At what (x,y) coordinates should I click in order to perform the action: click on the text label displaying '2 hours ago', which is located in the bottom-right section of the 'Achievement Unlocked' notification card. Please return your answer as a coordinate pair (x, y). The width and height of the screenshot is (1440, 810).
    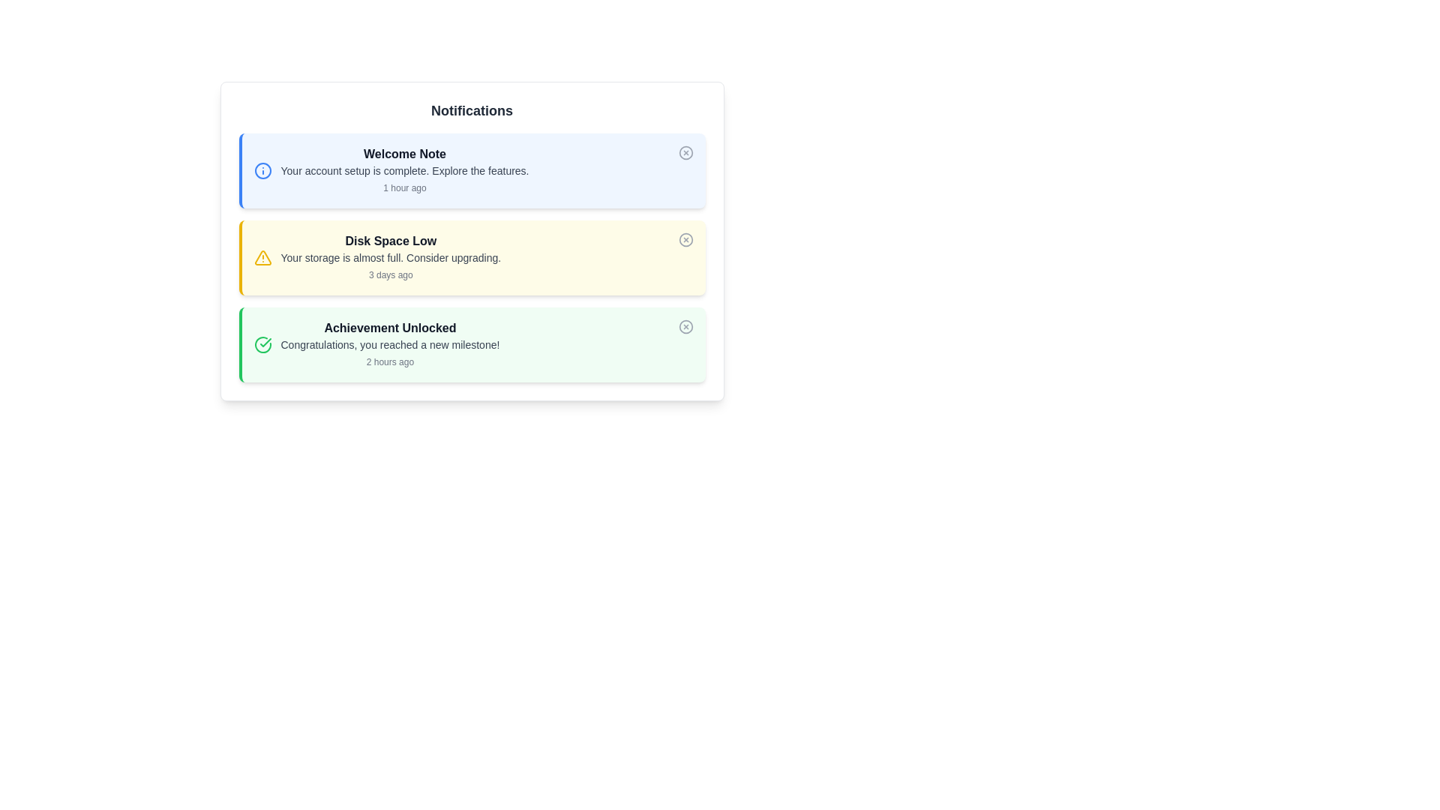
    Looking at the image, I should click on (390, 361).